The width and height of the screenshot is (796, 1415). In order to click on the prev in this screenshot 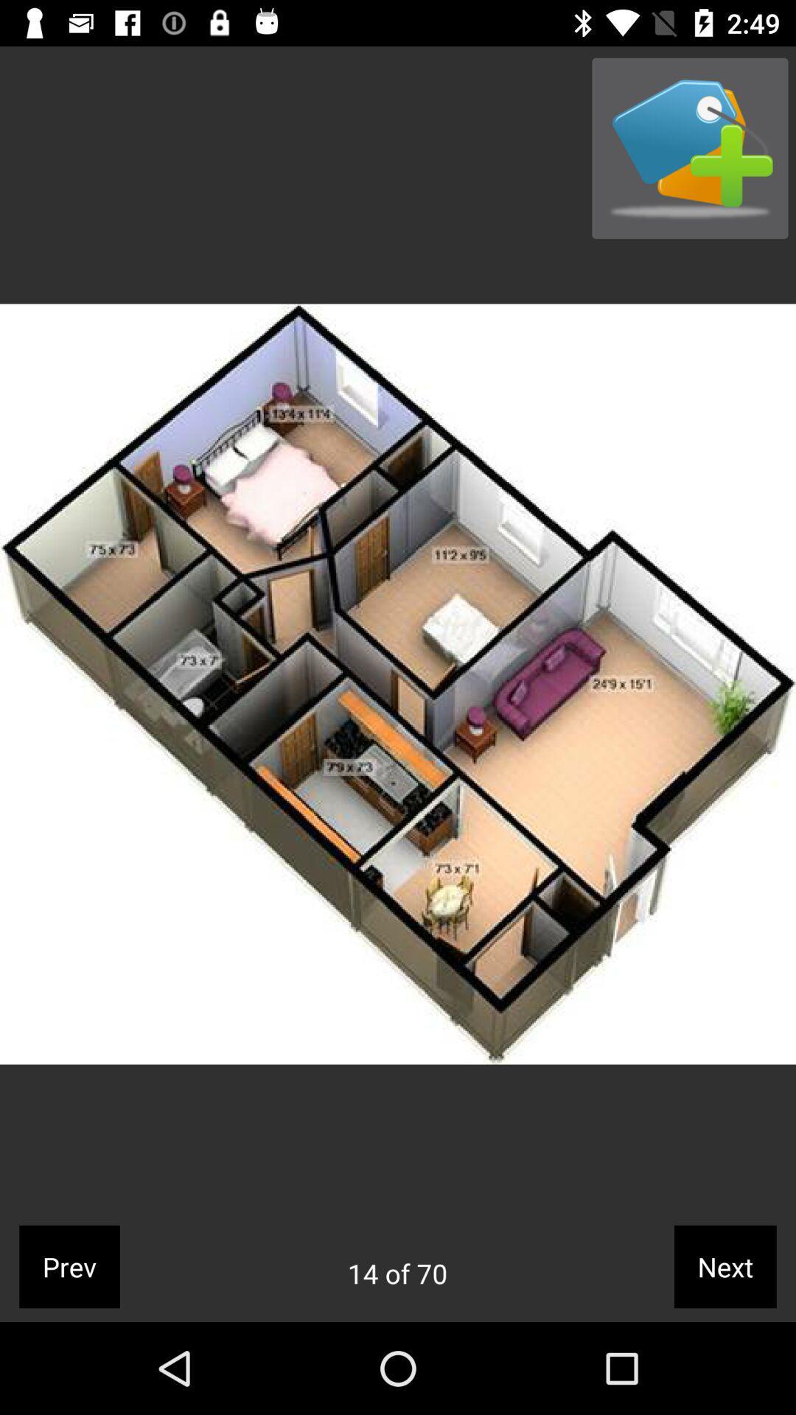, I will do `click(69, 1265)`.